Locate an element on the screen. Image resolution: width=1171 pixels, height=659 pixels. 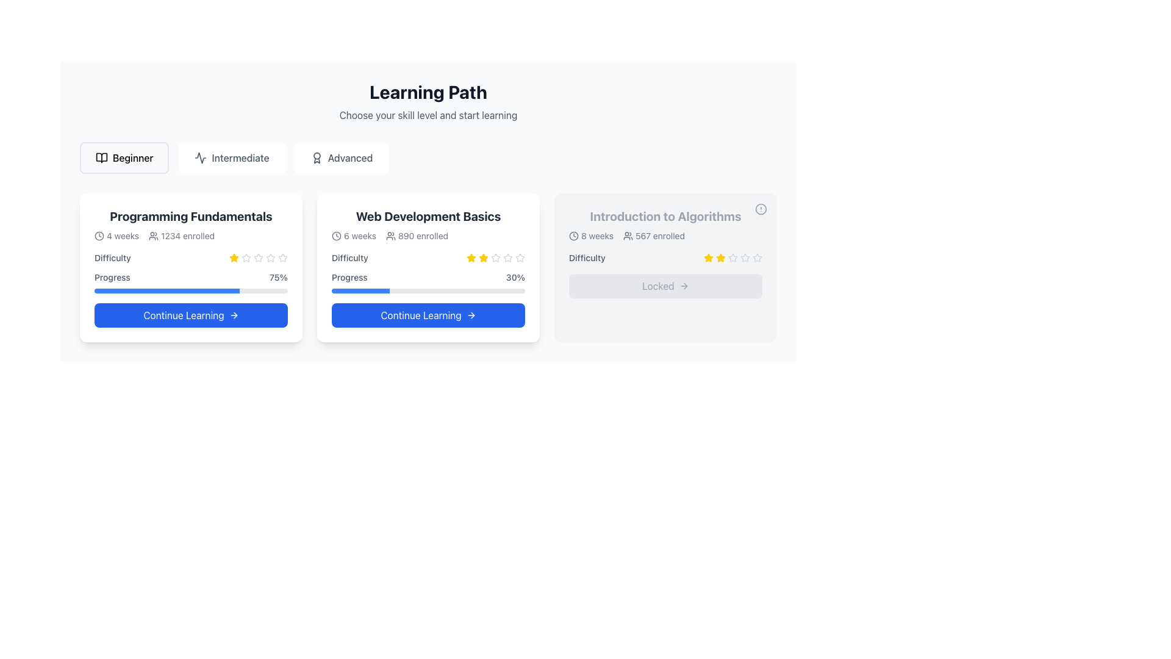
the course duration displayed as '8 weeks' in the introduction section of the 'Introduction to Algorithms' card is located at coordinates (591, 236).